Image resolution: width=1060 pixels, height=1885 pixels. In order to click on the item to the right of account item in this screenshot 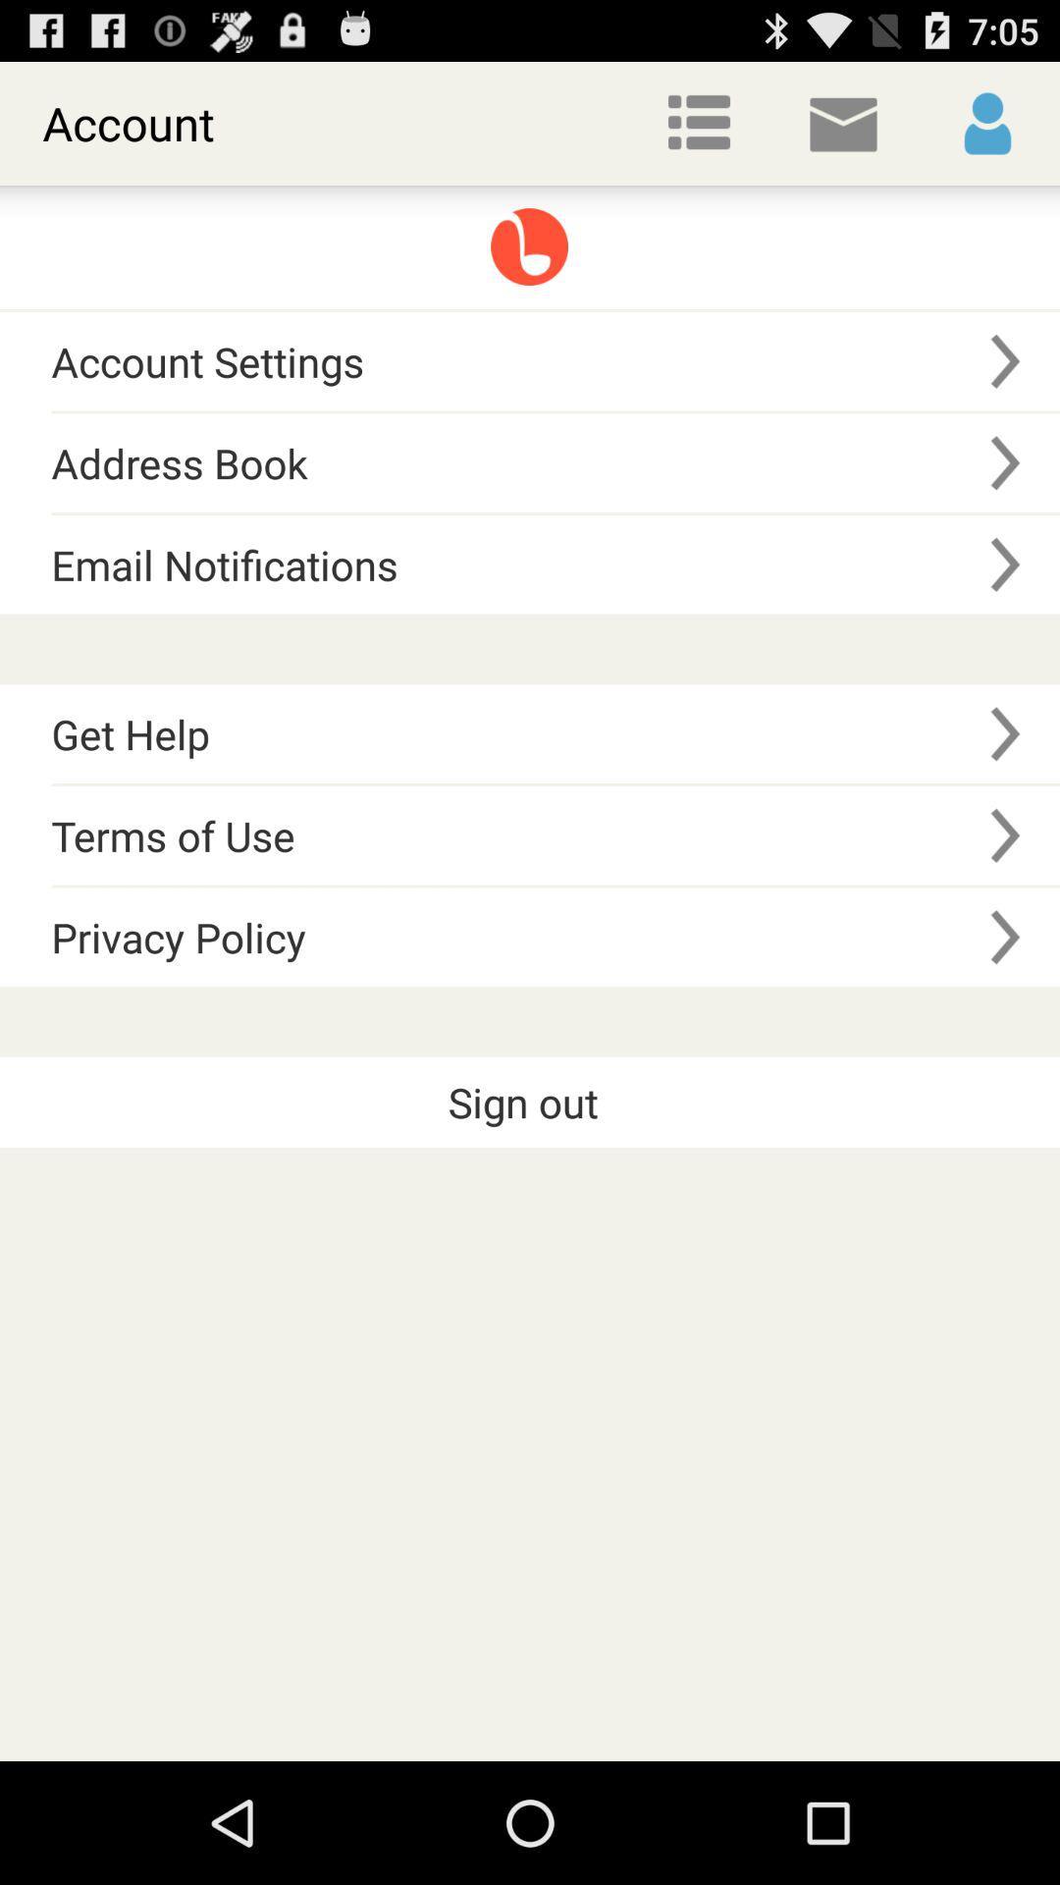, I will do `click(698, 122)`.